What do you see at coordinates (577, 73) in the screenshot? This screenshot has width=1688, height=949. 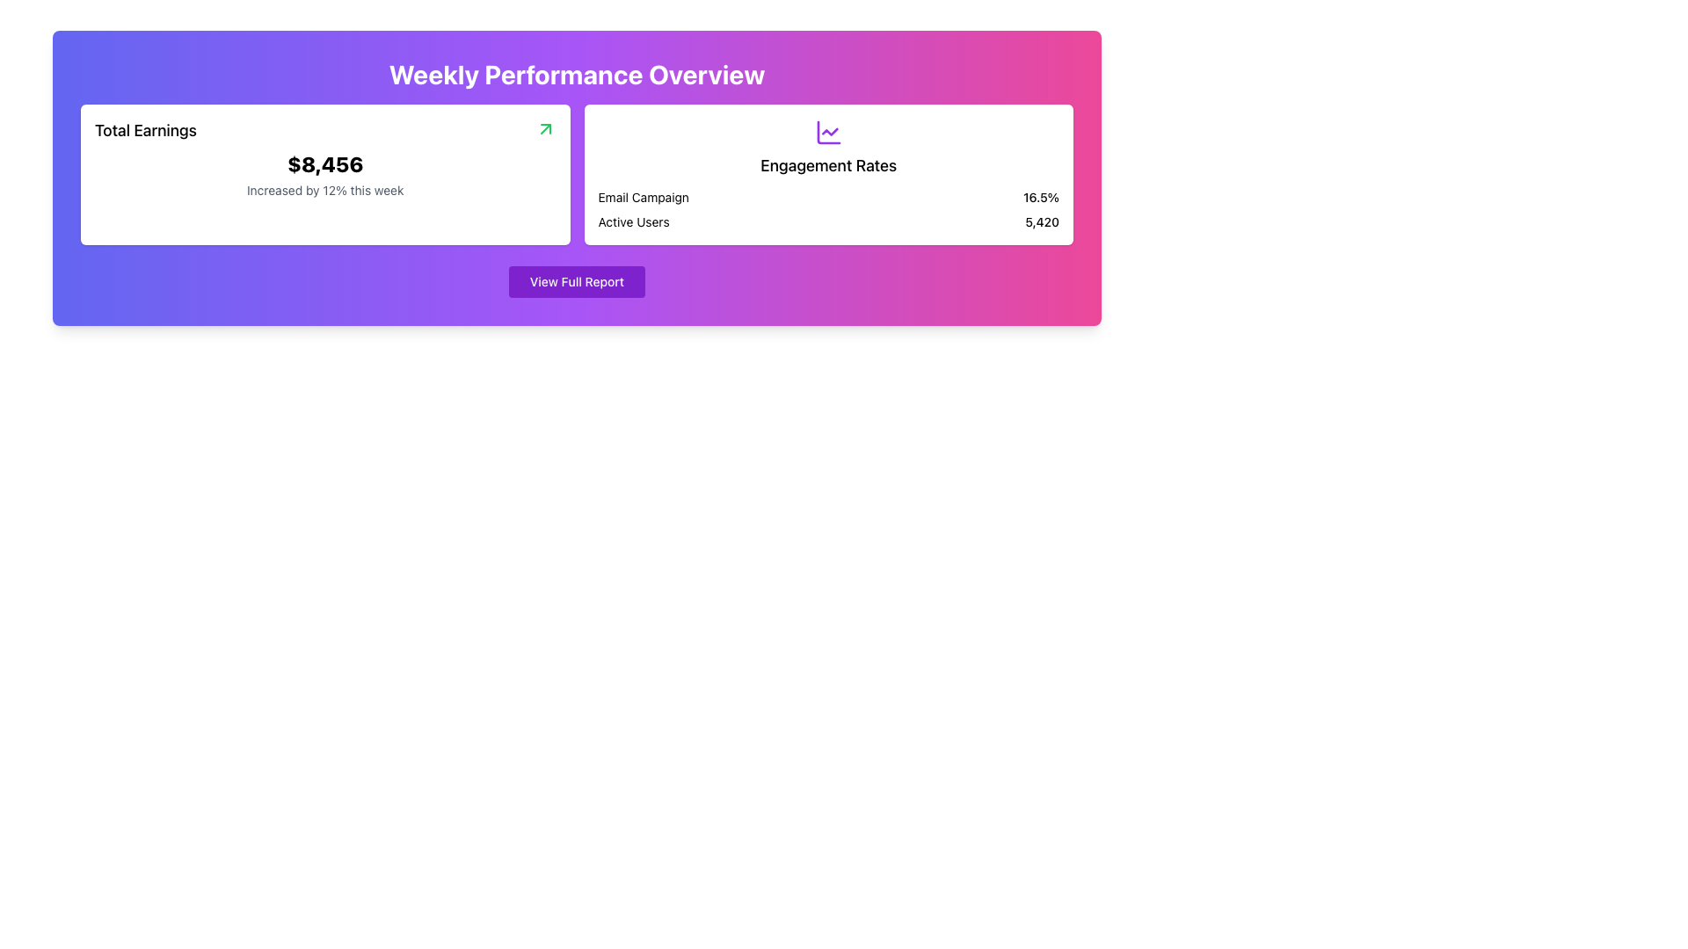 I see `the text header displaying 'Weekly Performance Overview', which is styled in bold, large white font over a gradient background` at bounding box center [577, 73].